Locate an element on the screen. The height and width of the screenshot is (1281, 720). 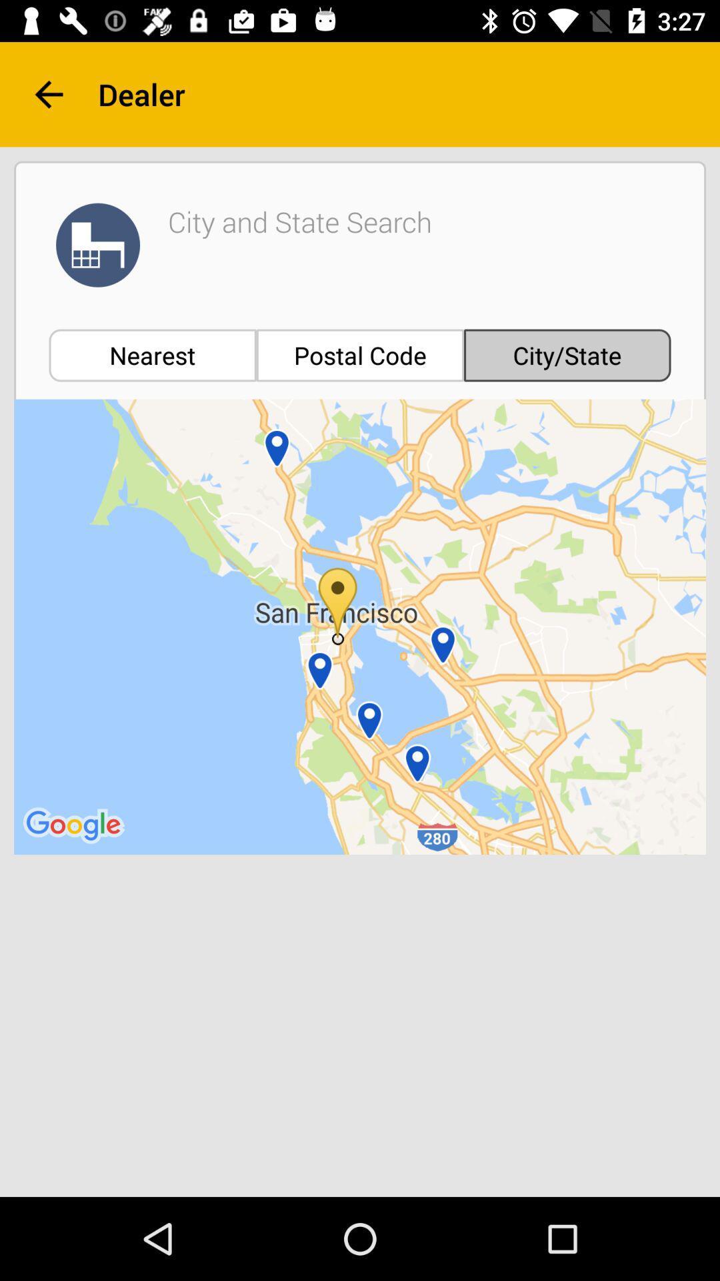
the item to the left of postal code icon is located at coordinates (152, 355).